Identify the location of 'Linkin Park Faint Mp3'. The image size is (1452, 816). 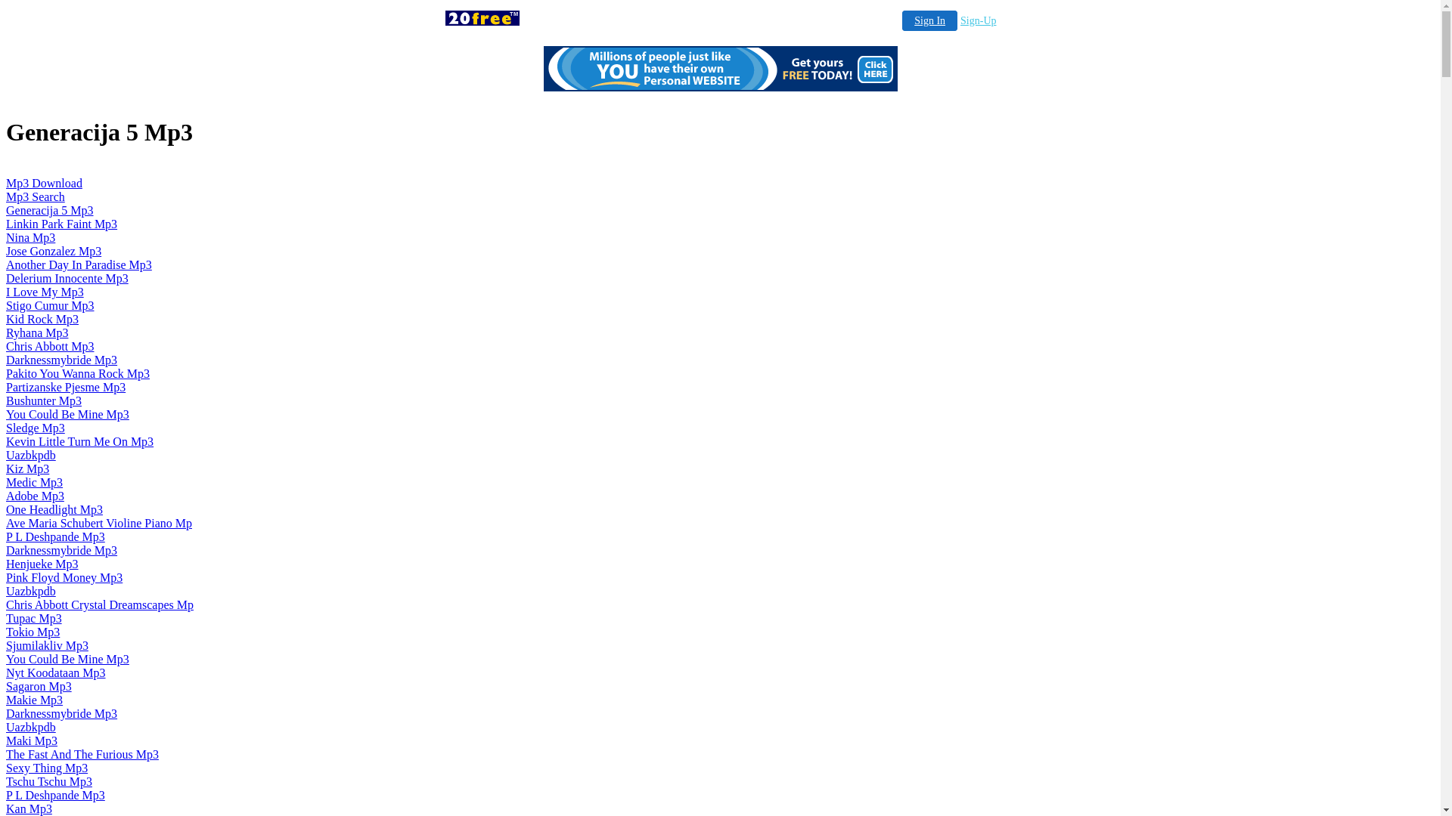
(60, 224).